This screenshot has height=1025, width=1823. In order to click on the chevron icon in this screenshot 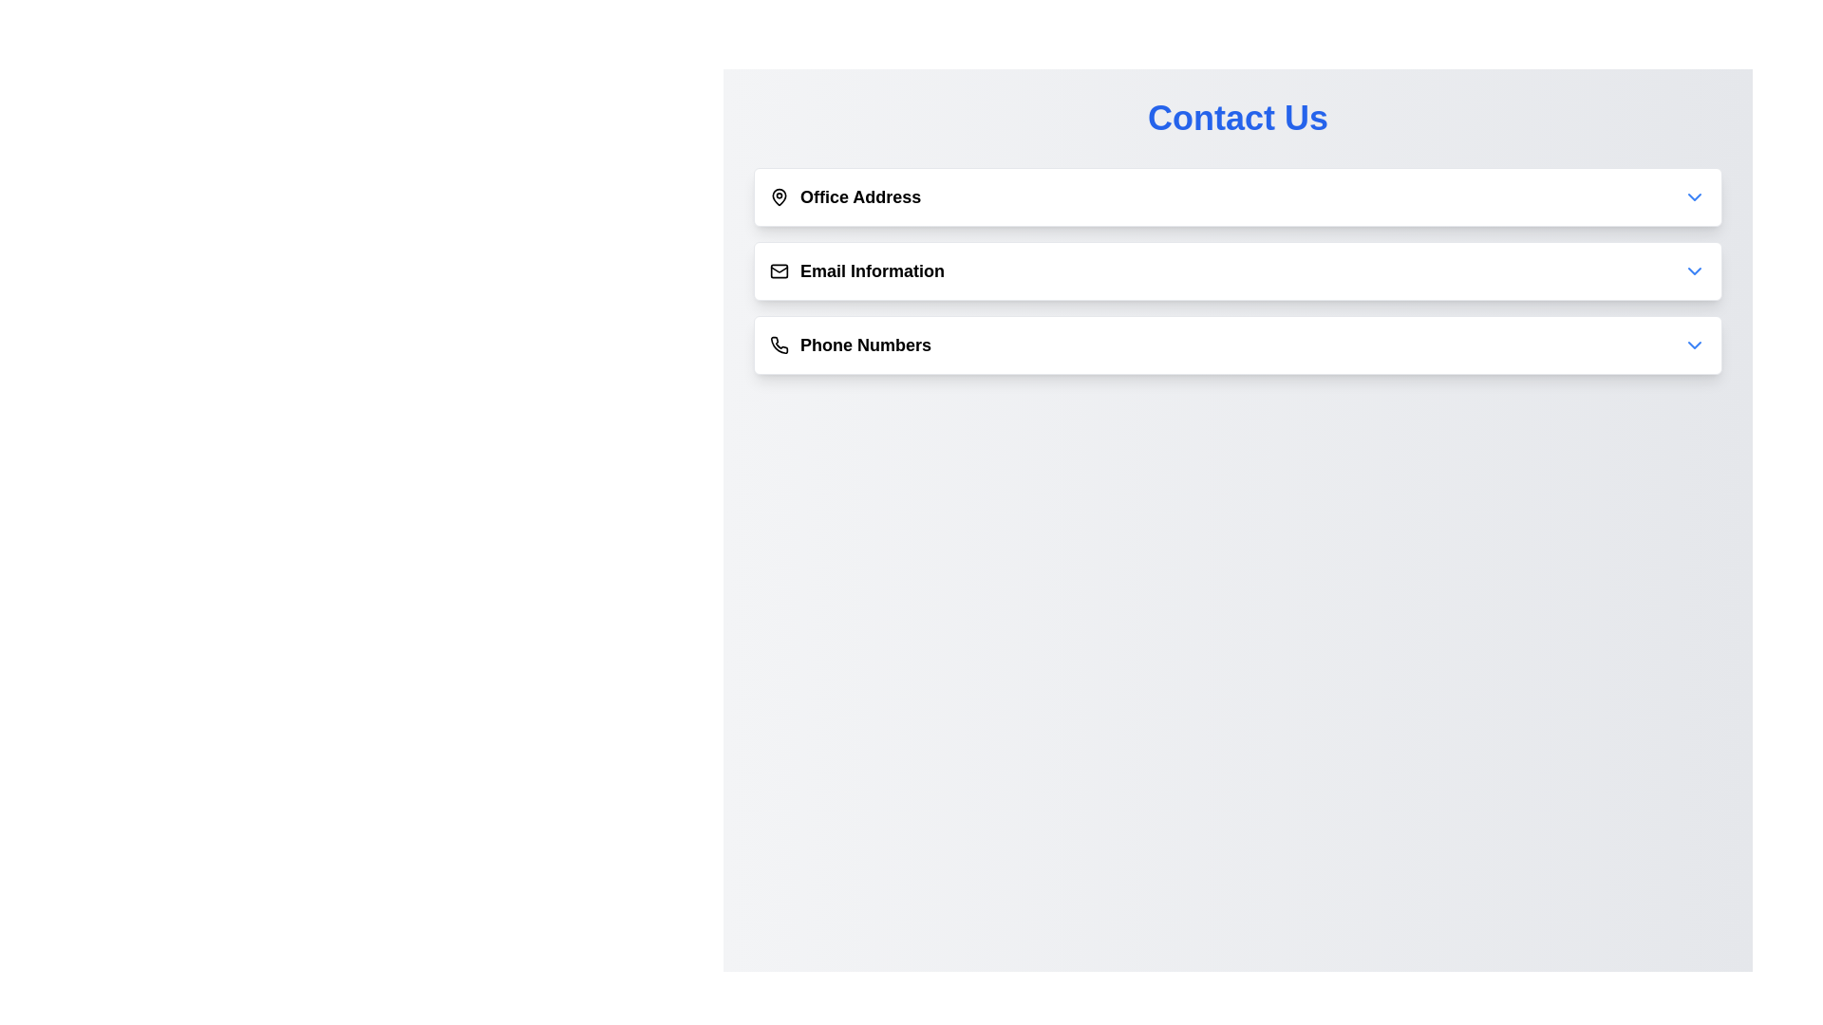, I will do `click(1695, 197)`.